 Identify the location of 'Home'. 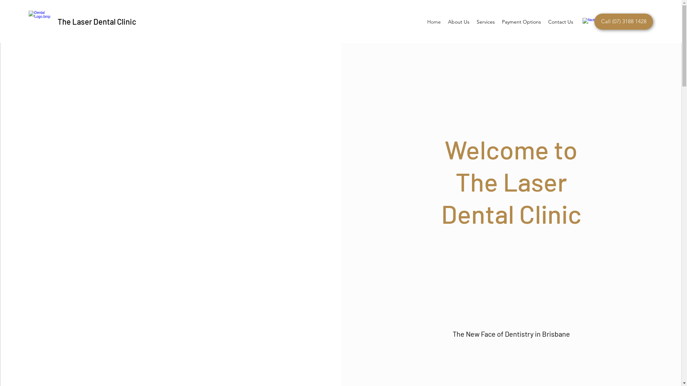
(434, 21).